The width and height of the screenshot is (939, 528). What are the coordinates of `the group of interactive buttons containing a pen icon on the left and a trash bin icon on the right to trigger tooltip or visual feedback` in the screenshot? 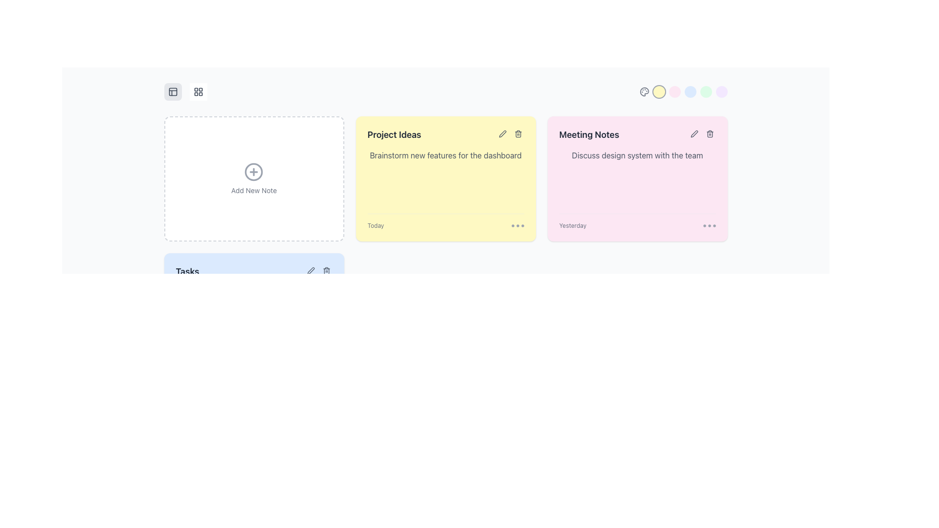 It's located at (318, 271).